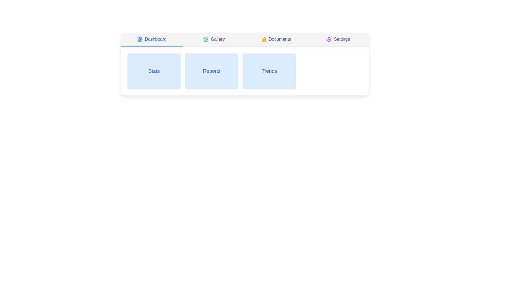 This screenshot has width=532, height=299. Describe the element at coordinates (154, 71) in the screenshot. I see `the 'Stats' text label, which serves as an identifier for a section related to statistics, located in the upper-mid section of the interface` at that location.